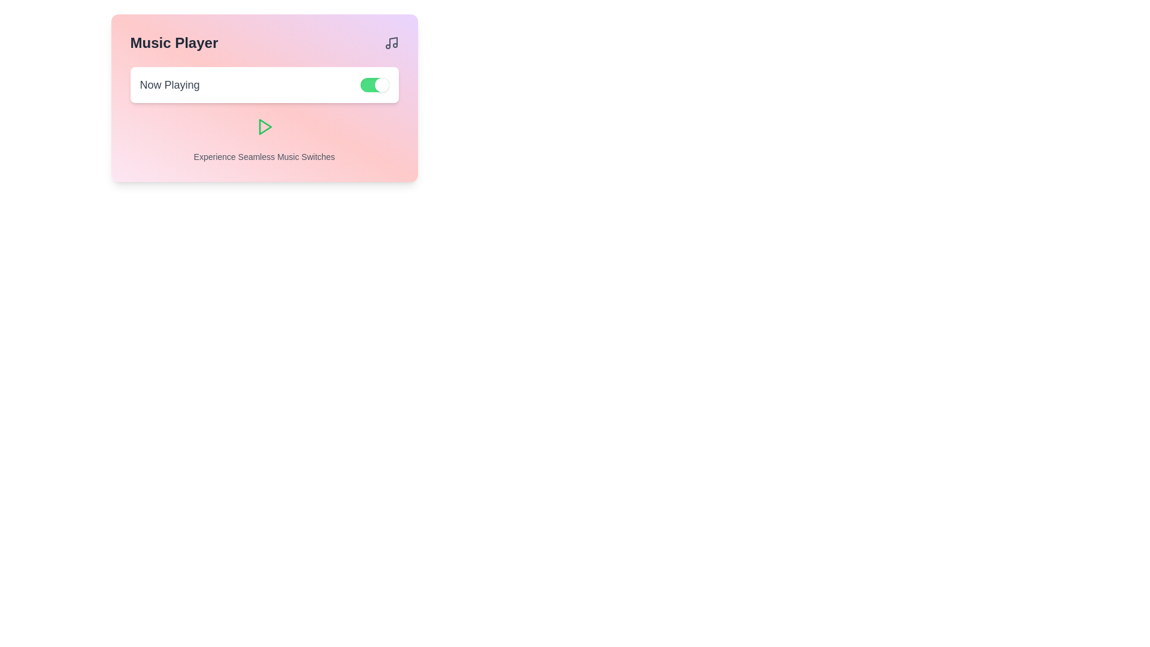  Describe the element at coordinates (264, 98) in the screenshot. I see `the Information panel of the music player application, which contains the title, play controls, and descriptive text, positioned above the footer text` at that location.